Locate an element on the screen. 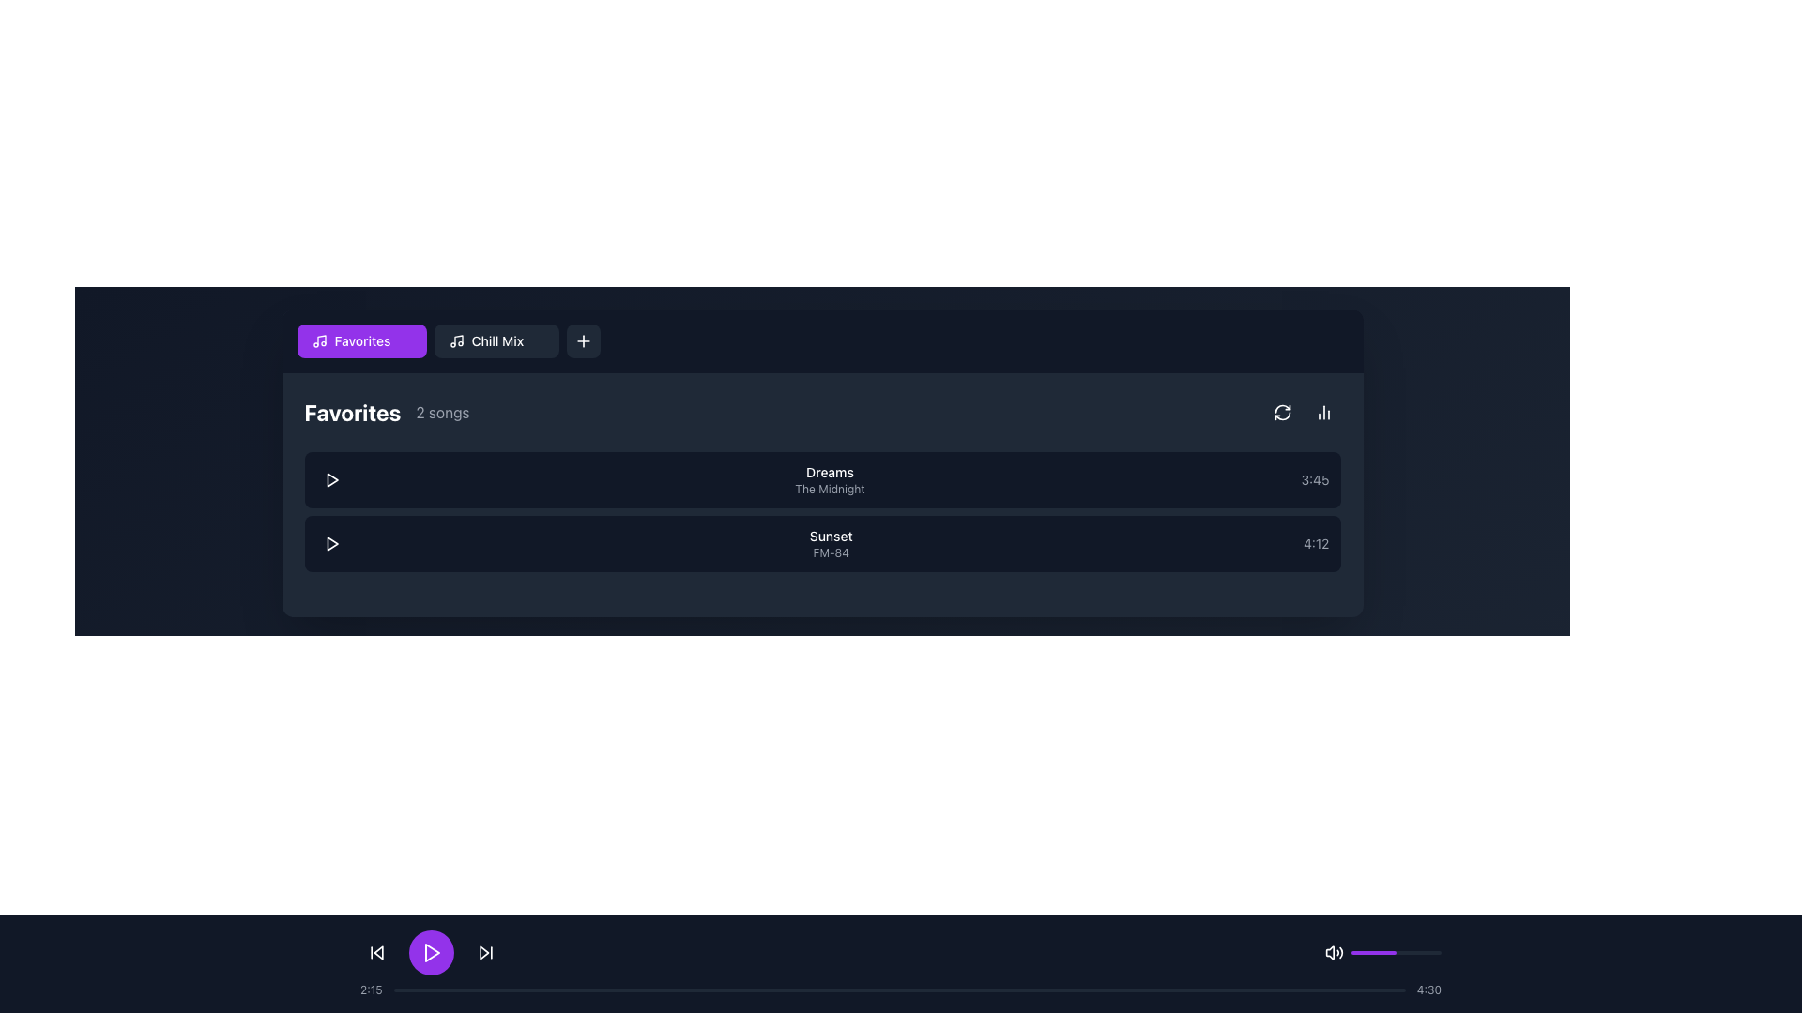  the sound icon located at the bottom-right section of the interface is located at coordinates (1333, 952).